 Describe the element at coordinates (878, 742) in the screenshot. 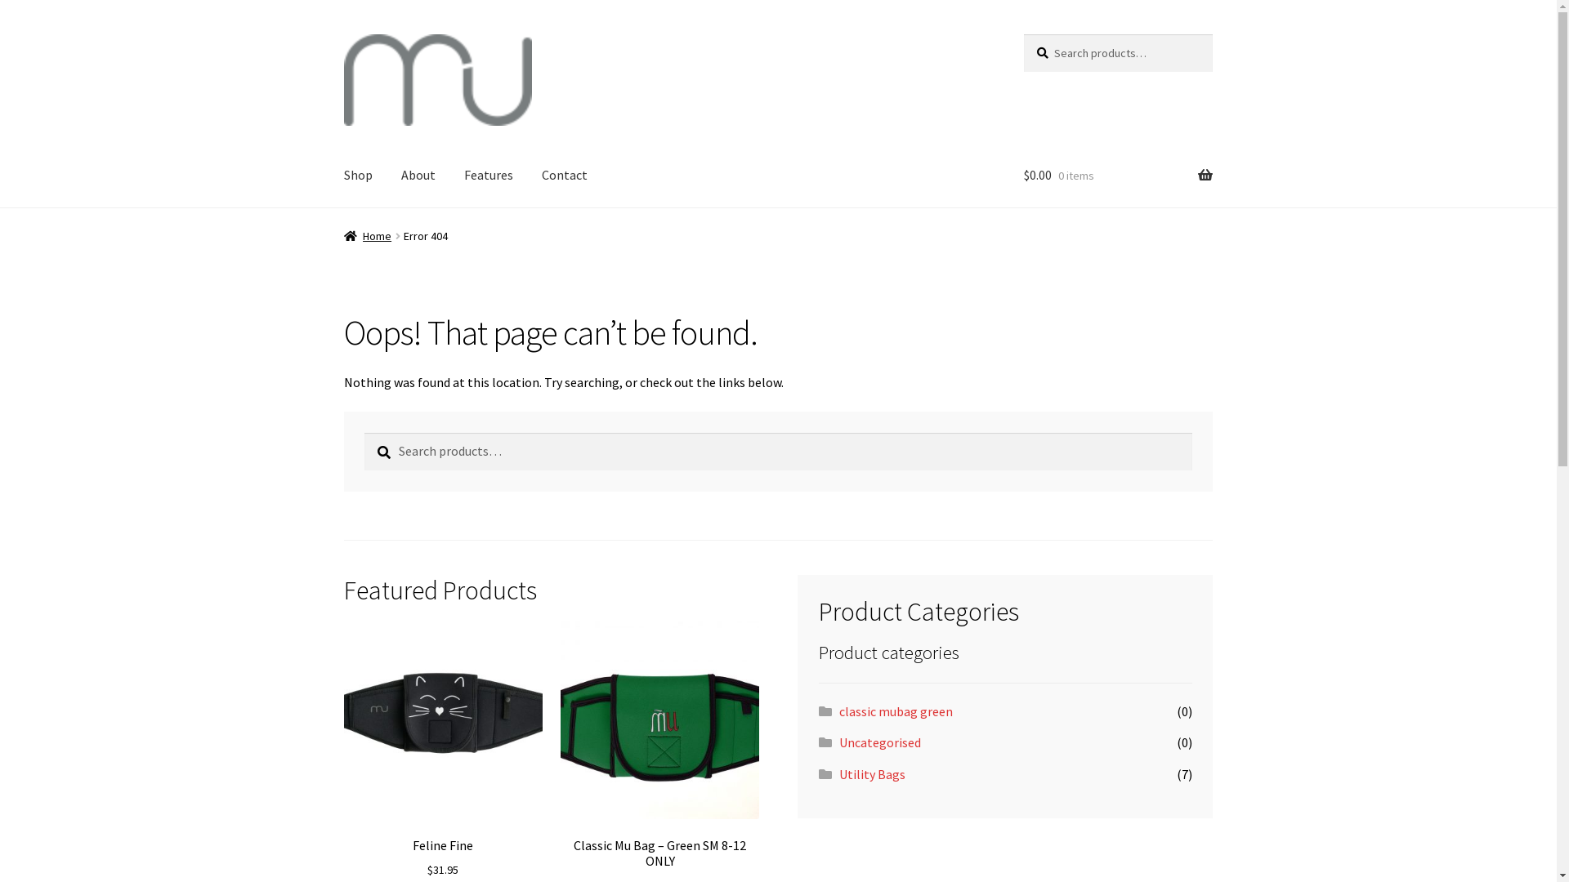

I see `'Uncategorised'` at that location.